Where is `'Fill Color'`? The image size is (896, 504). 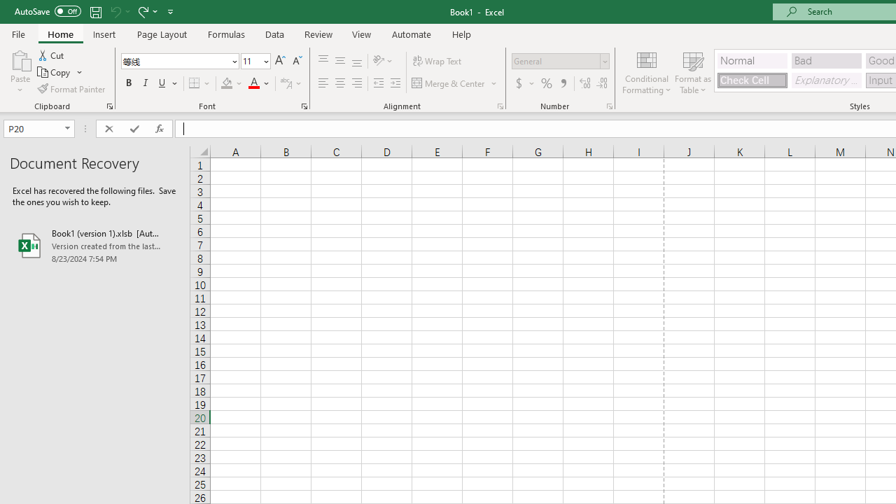
'Fill Color' is located at coordinates (232, 83).